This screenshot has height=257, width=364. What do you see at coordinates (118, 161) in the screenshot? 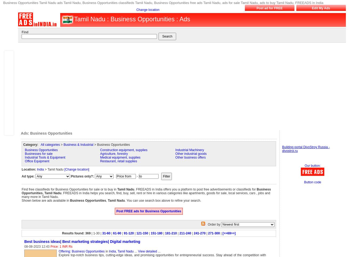
I see `'Restaurant, retail supplies'` at bounding box center [118, 161].